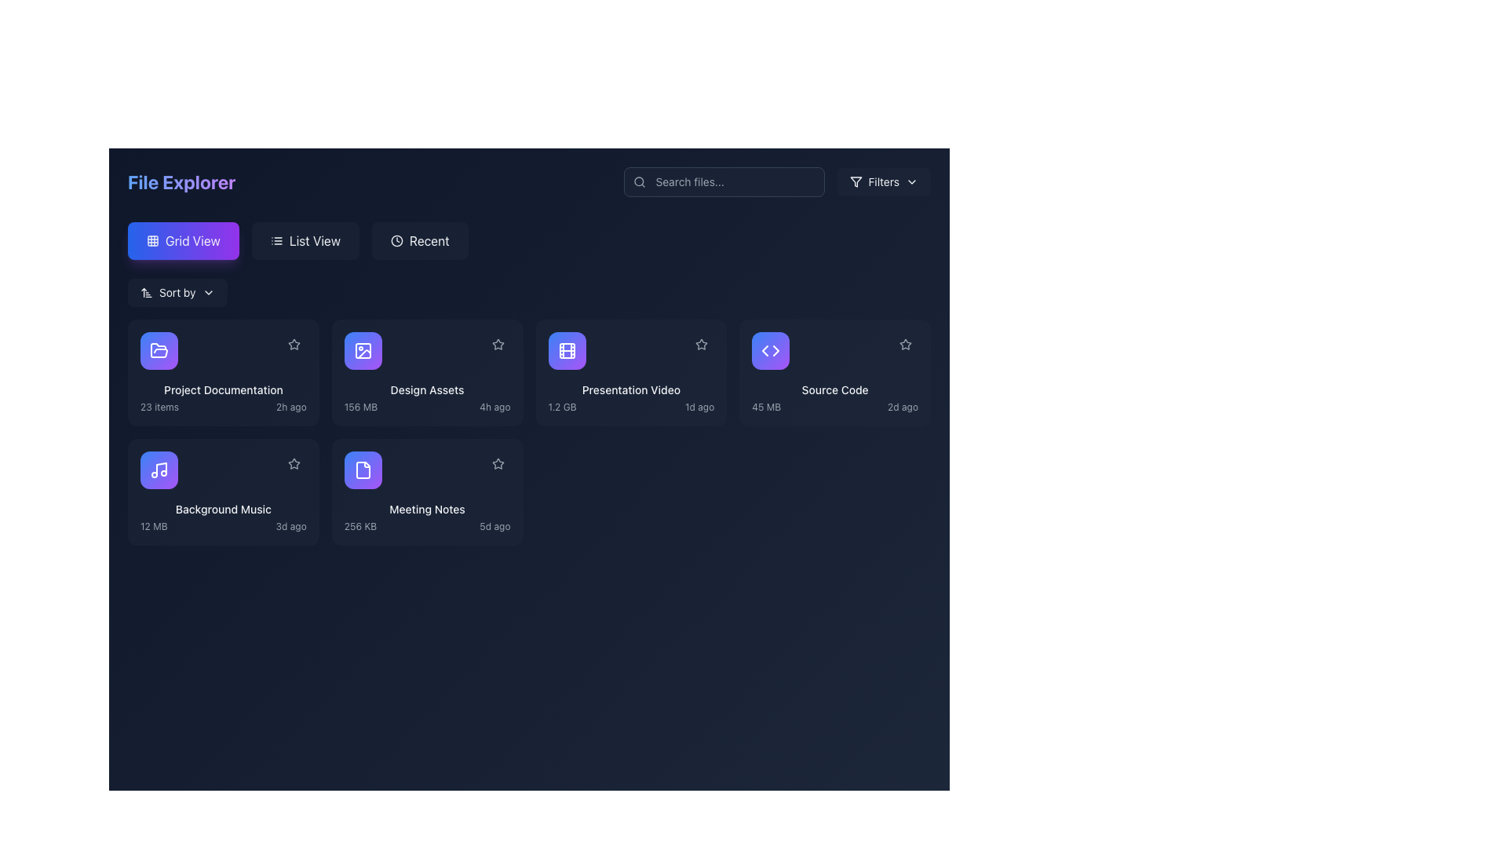 The image size is (1507, 848). I want to click on the 'Meeting Notes' file icon, which is a light purple gradient document-shaped icon located in the second row and second column of the 'File Explorer' grid view layout, so click(362, 469).